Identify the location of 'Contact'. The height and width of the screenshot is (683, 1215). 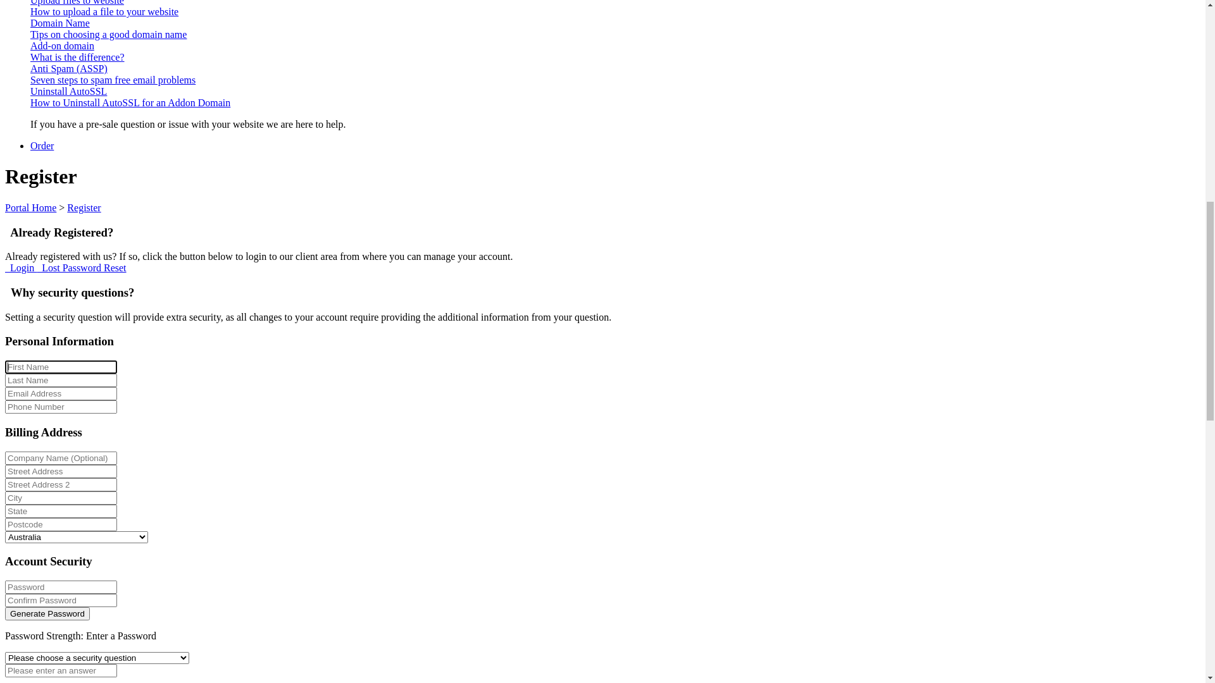
(46, 31).